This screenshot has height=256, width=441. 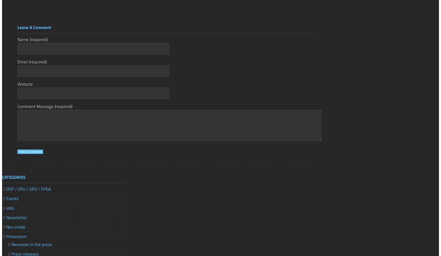 What do you see at coordinates (32, 244) in the screenshot?
I see `'Nexvision in the press'` at bounding box center [32, 244].